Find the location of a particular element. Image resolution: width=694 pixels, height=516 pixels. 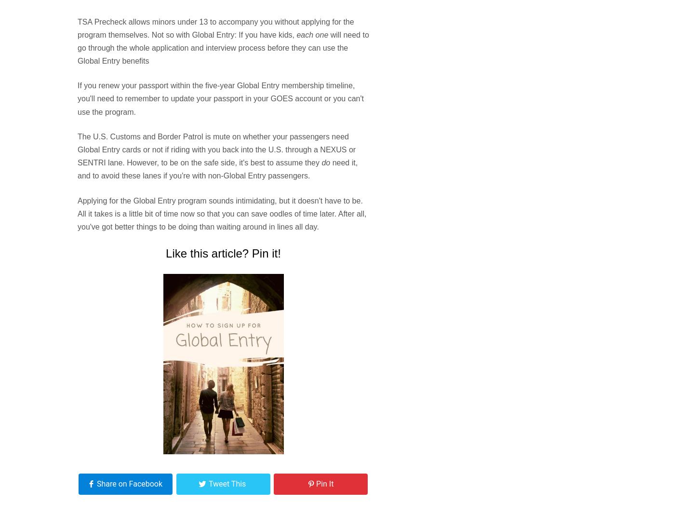

'If you renew your passport within the five-year Global Entry membership timeline, you'll need to remember to update your passport in your GOES account or you can't use the program.' is located at coordinates (220, 98).